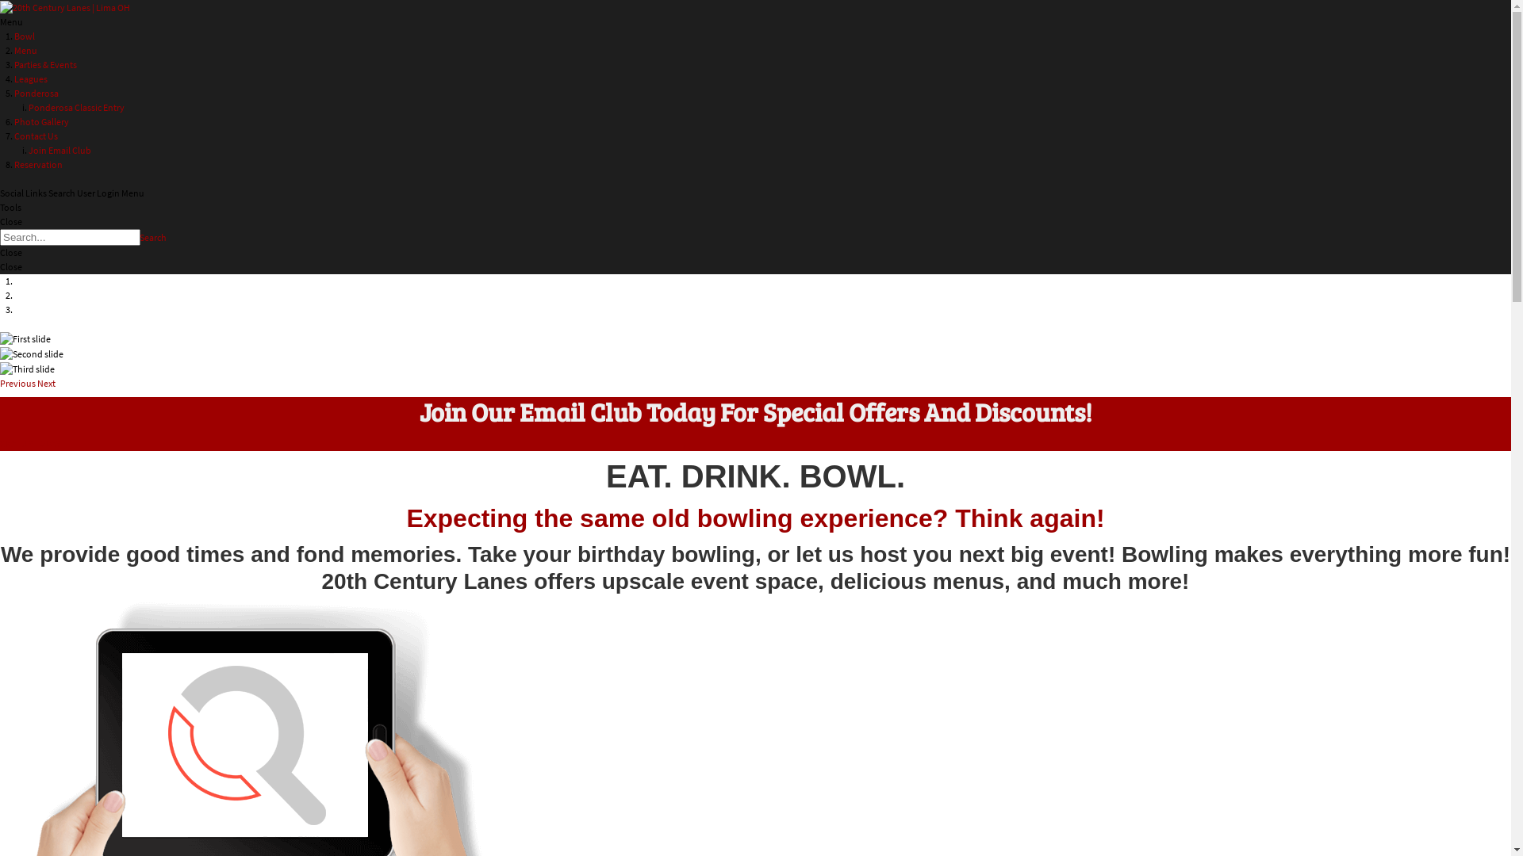 Image resolution: width=1523 pixels, height=856 pixels. Describe the element at coordinates (125, 256) in the screenshot. I see `'Clear search text'` at that location.